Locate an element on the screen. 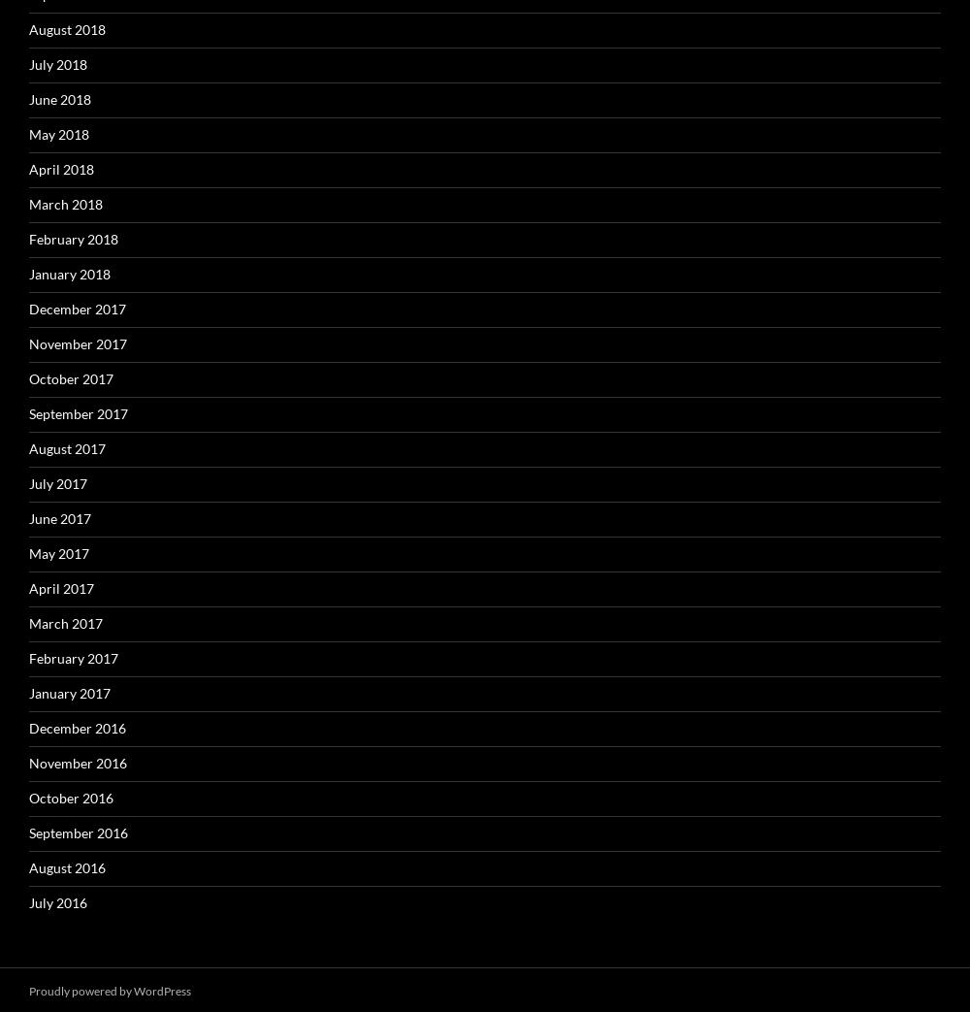 The height and width of the screenshot is (1012, 970). 'December 2016' is located at coordinates (77, 727).